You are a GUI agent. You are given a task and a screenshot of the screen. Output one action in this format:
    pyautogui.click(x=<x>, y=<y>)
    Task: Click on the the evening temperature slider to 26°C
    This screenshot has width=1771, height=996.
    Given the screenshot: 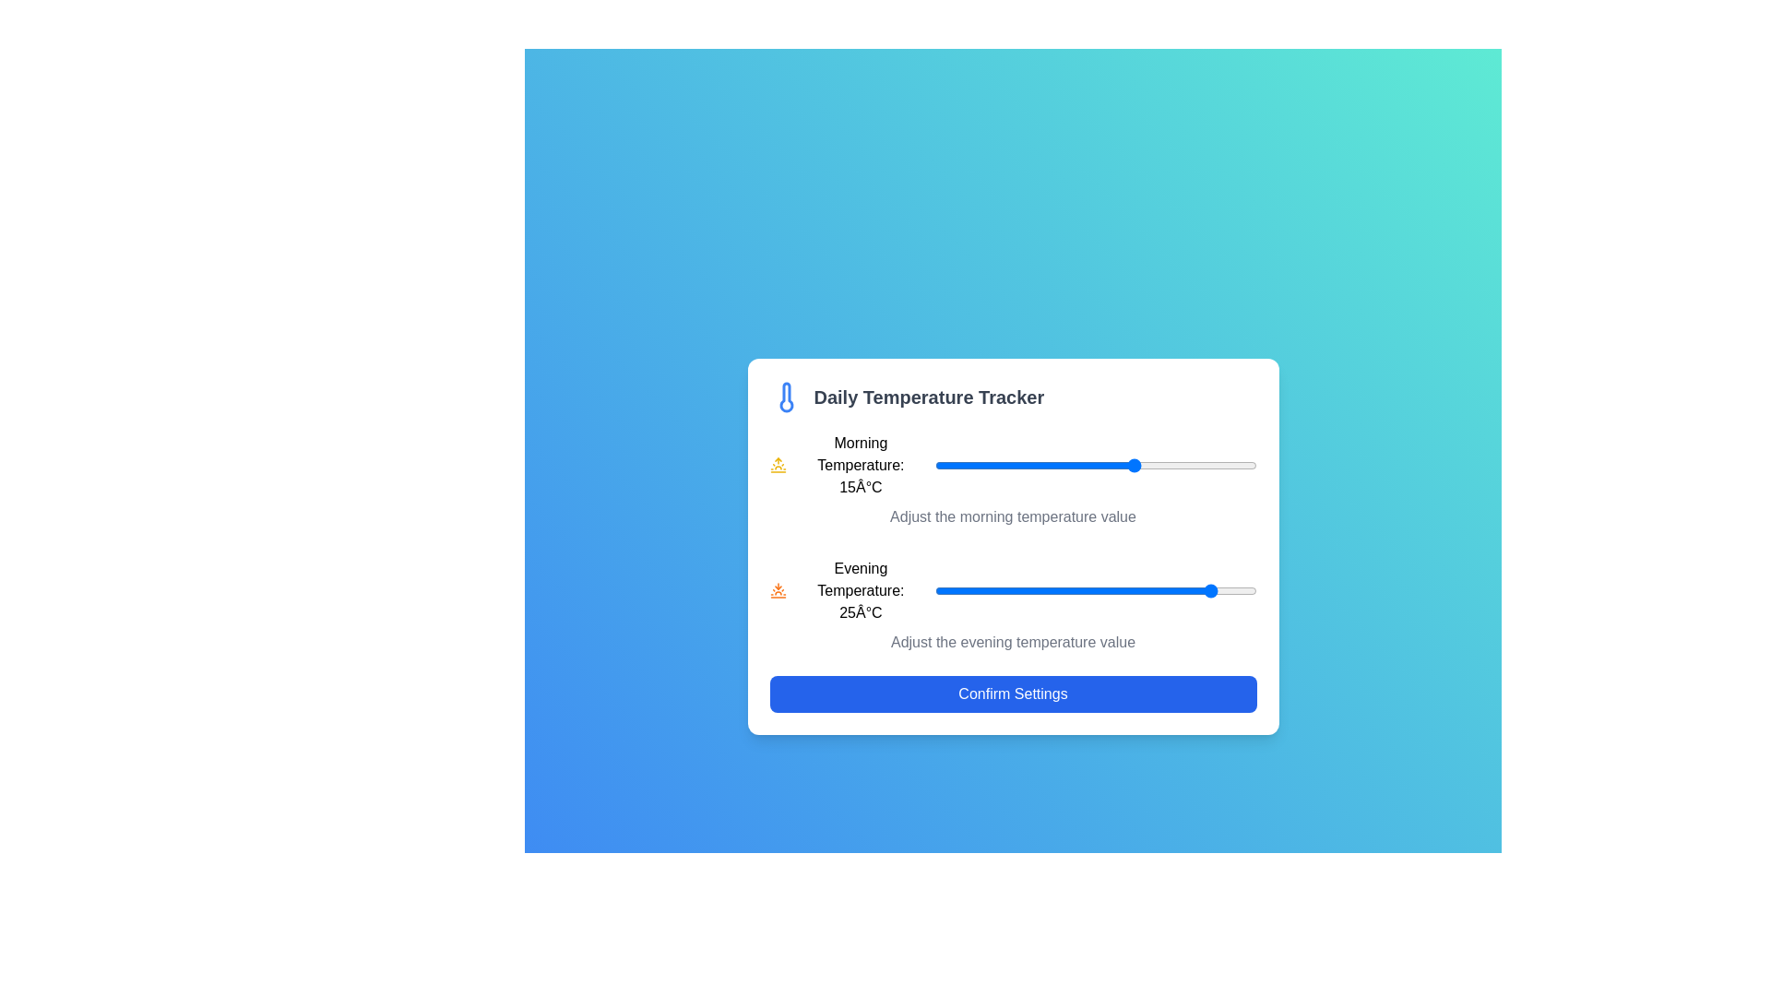 What is the action you would take?
    pyautogui.click(x=1224, y=590)
    